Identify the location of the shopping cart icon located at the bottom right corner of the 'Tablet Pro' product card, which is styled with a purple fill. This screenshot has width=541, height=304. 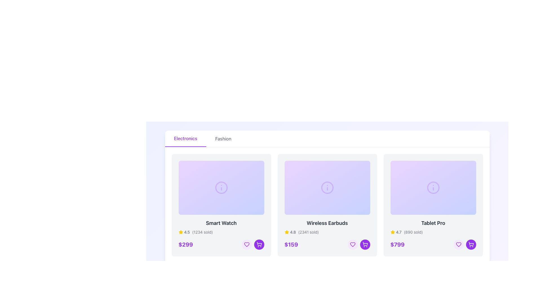
(471, 243).